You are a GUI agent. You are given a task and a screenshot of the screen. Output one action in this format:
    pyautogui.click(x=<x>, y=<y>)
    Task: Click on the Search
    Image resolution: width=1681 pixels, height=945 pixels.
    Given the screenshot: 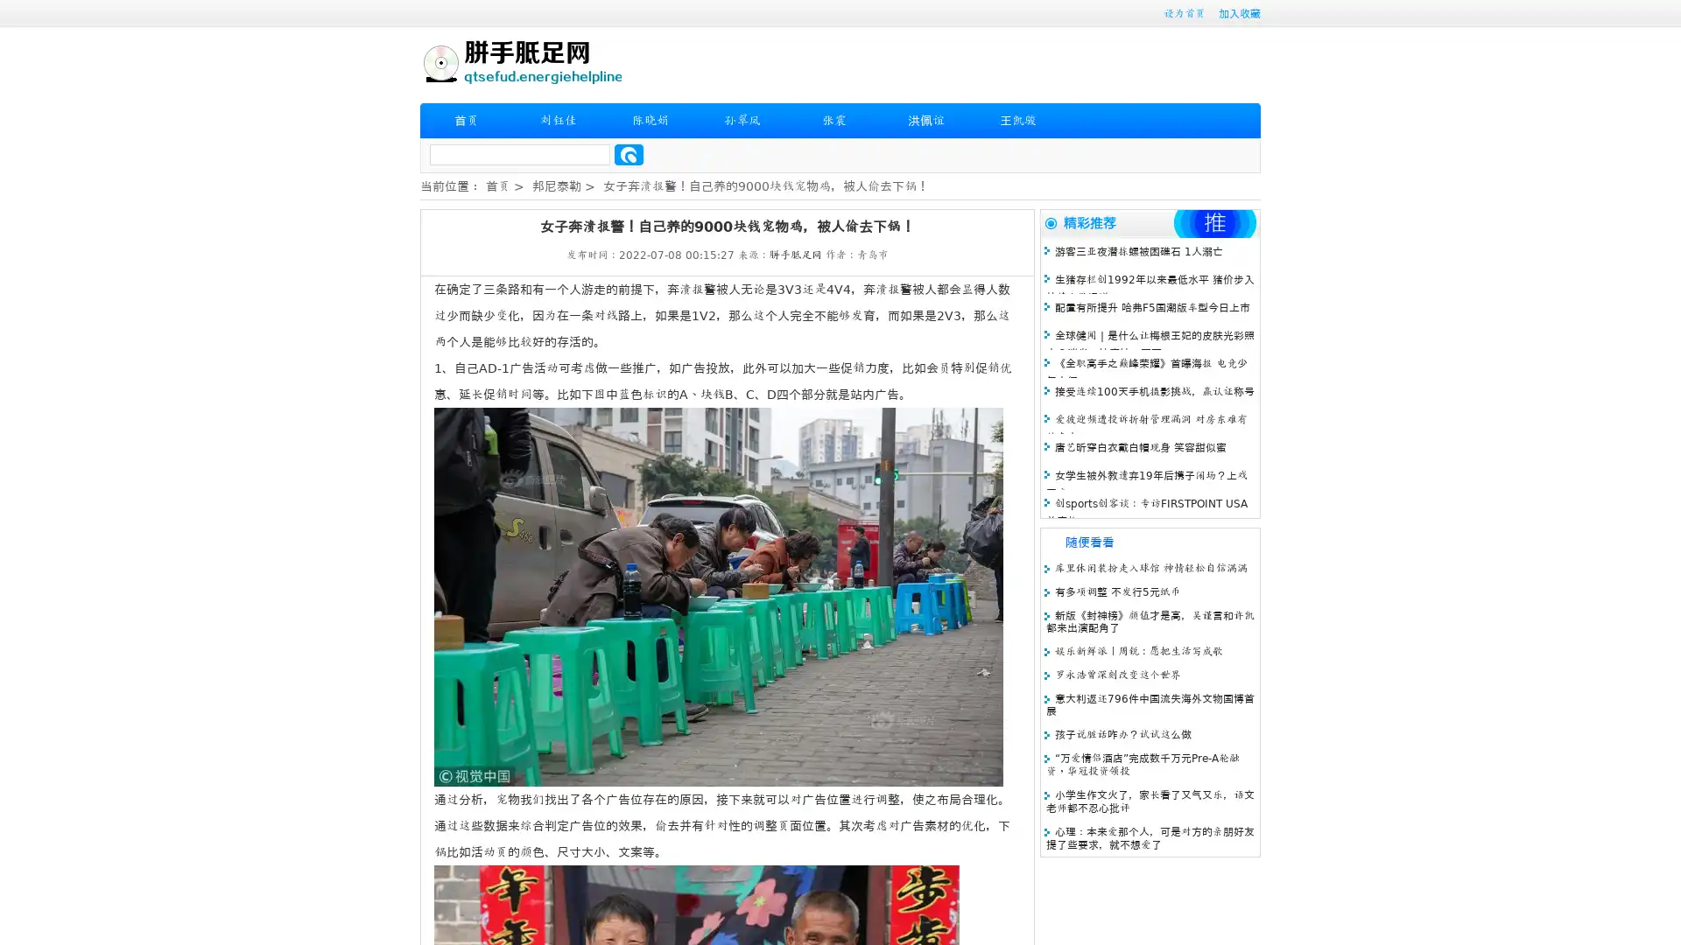 What is the action you would take?
    pyautogui.click(x=629, y=154)
    